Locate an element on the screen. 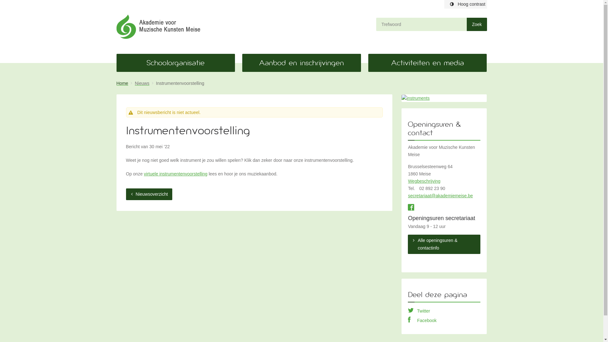 This screenshot has height=342, width=608. 'Facebook' is located at coordinates (422, 320).